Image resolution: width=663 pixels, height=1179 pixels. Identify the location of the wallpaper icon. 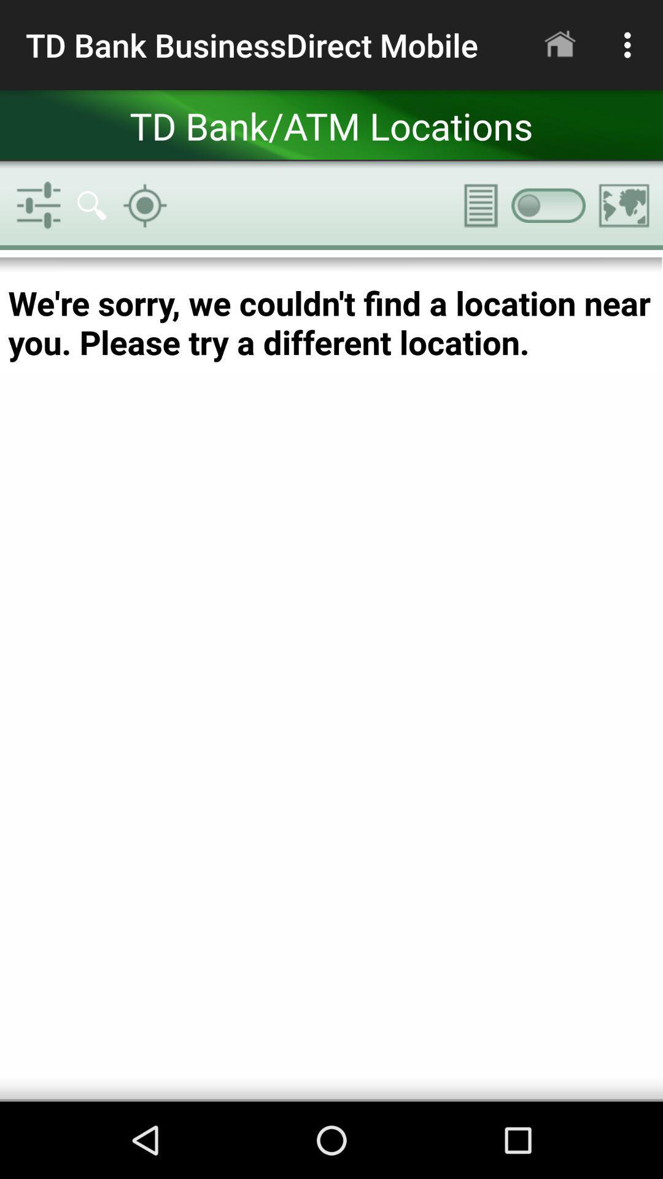
(624, 205).